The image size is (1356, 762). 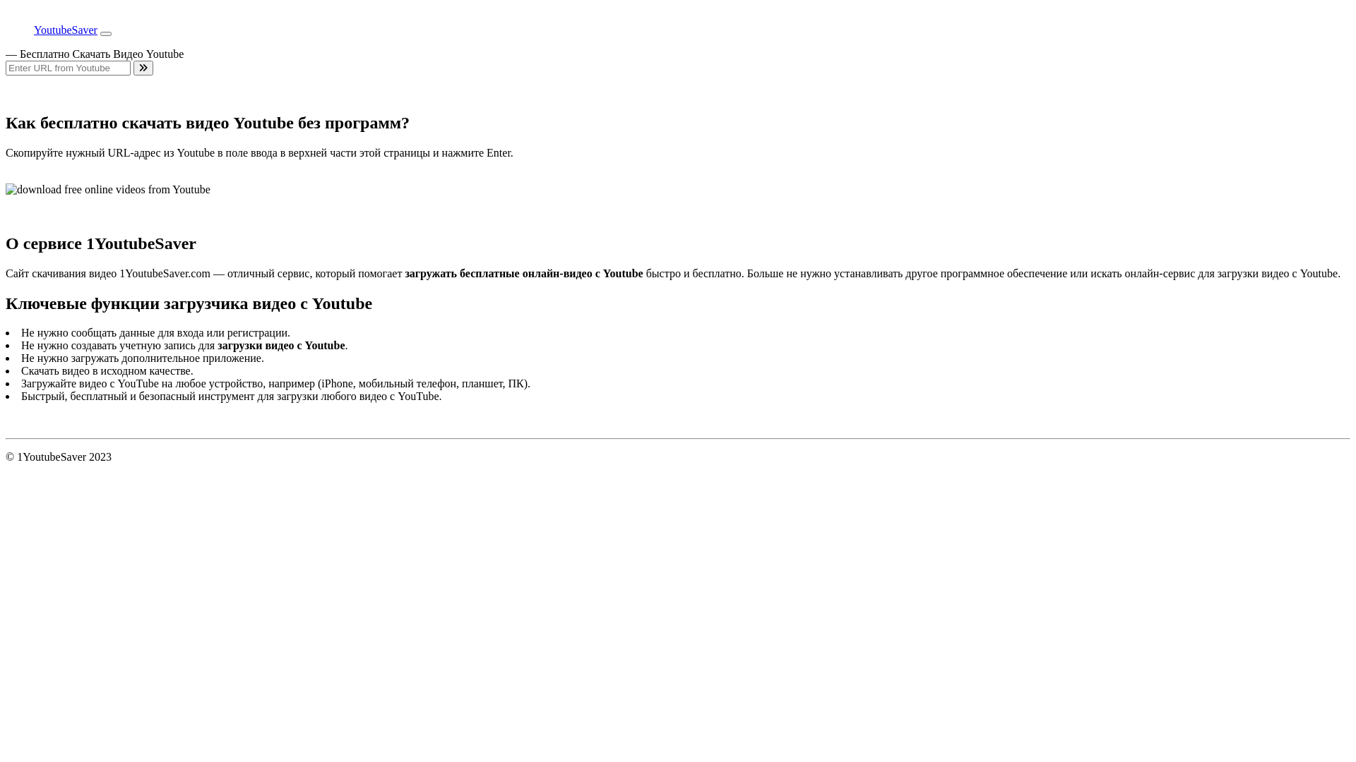 What do you see at coordinates (51, 30) in the screenshot?
I see `'YoutubeSaver'` at bounding box center [51, 30].